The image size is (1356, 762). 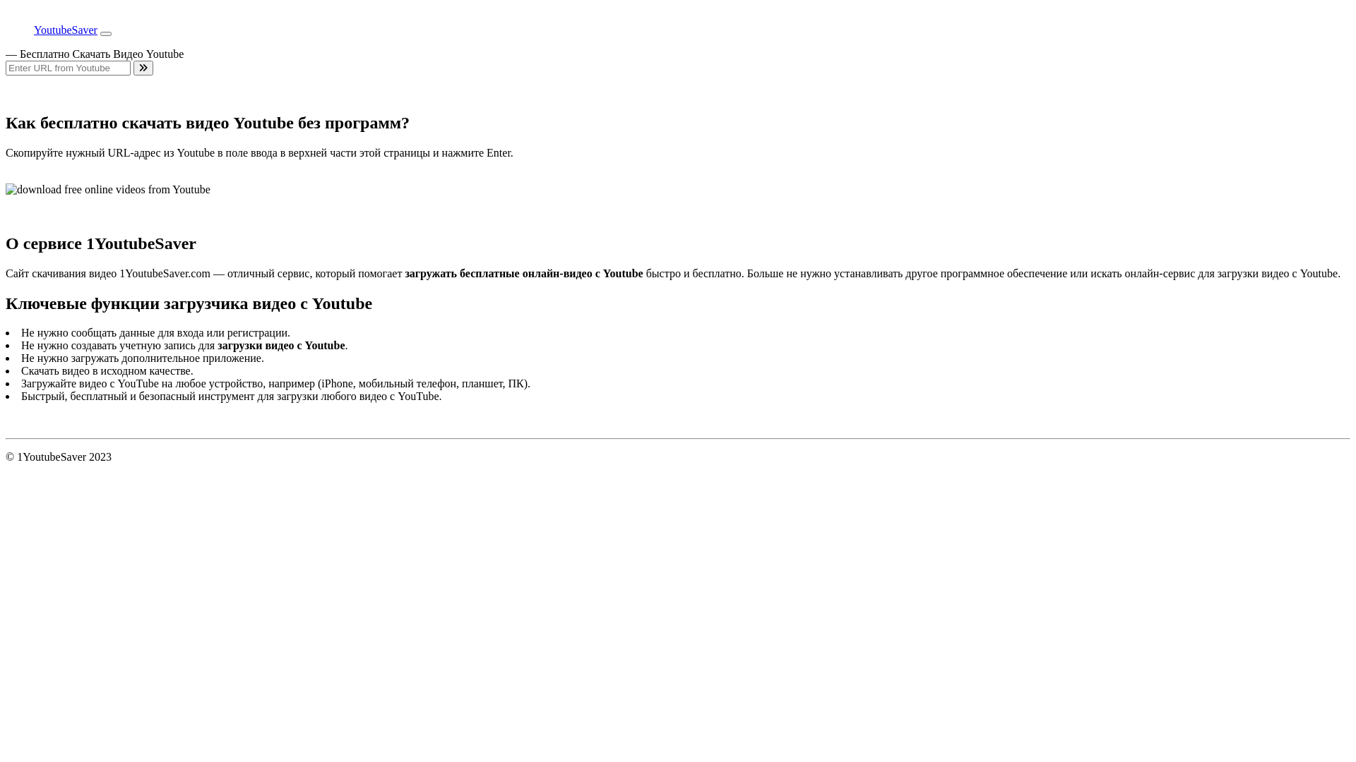 What do you see at coordinates (51, 30) in the screenshot?
I see `'YoutubeSaver'` at bounding box center [51, 30].